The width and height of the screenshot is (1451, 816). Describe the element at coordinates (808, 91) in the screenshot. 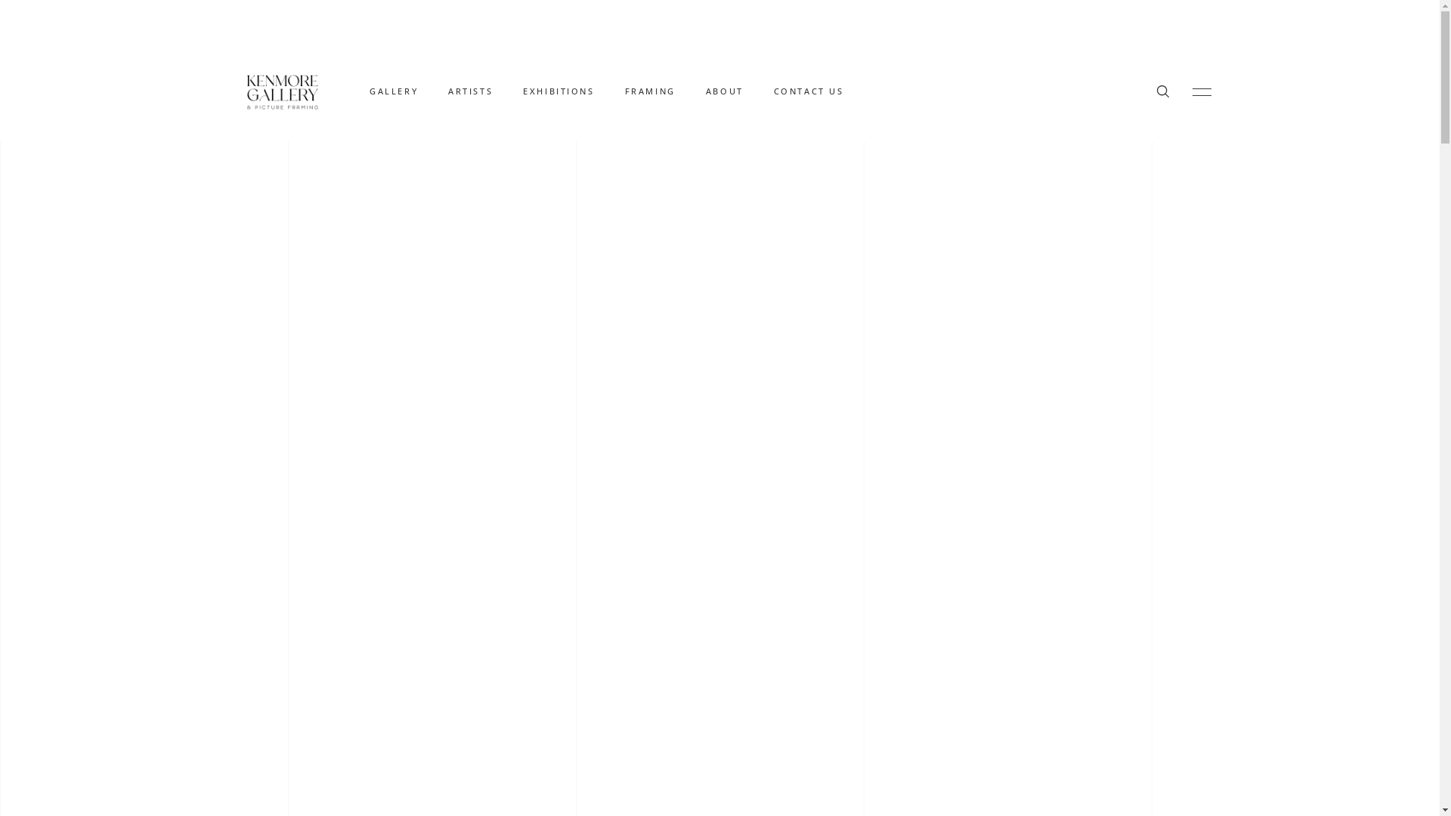

I see `'CONTACT US'` at that location.